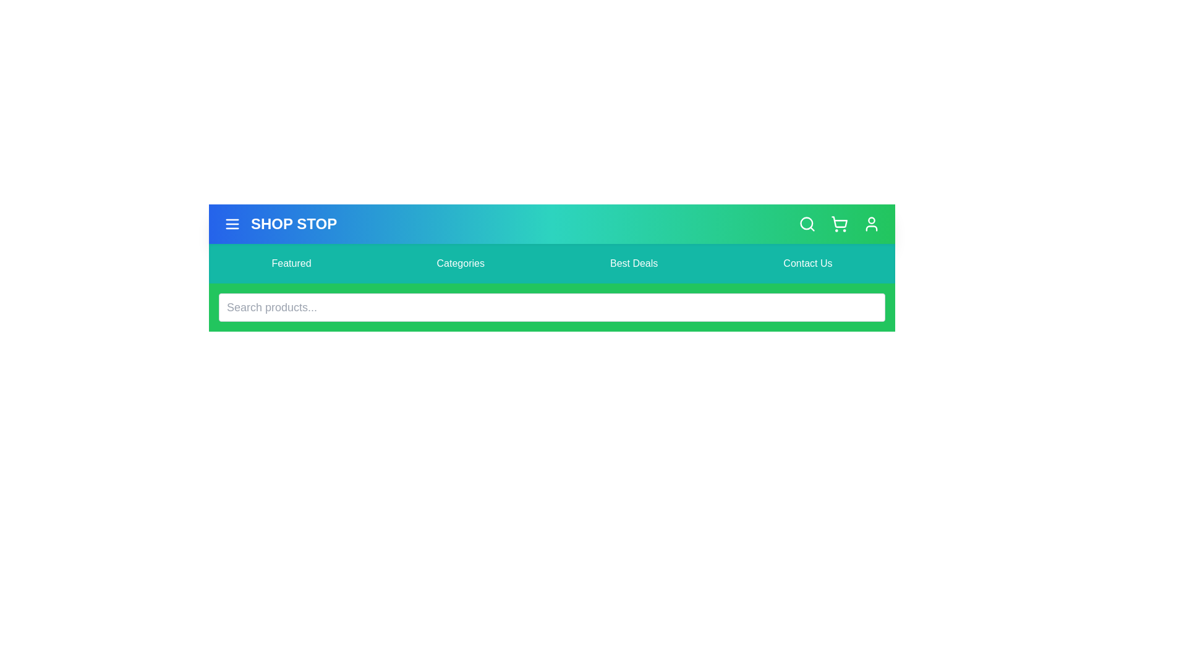  Describe the element at coordinates (634, 263) in the screenshot. I see `the menu item labeled Best Deals in the navigation bar` at that location.